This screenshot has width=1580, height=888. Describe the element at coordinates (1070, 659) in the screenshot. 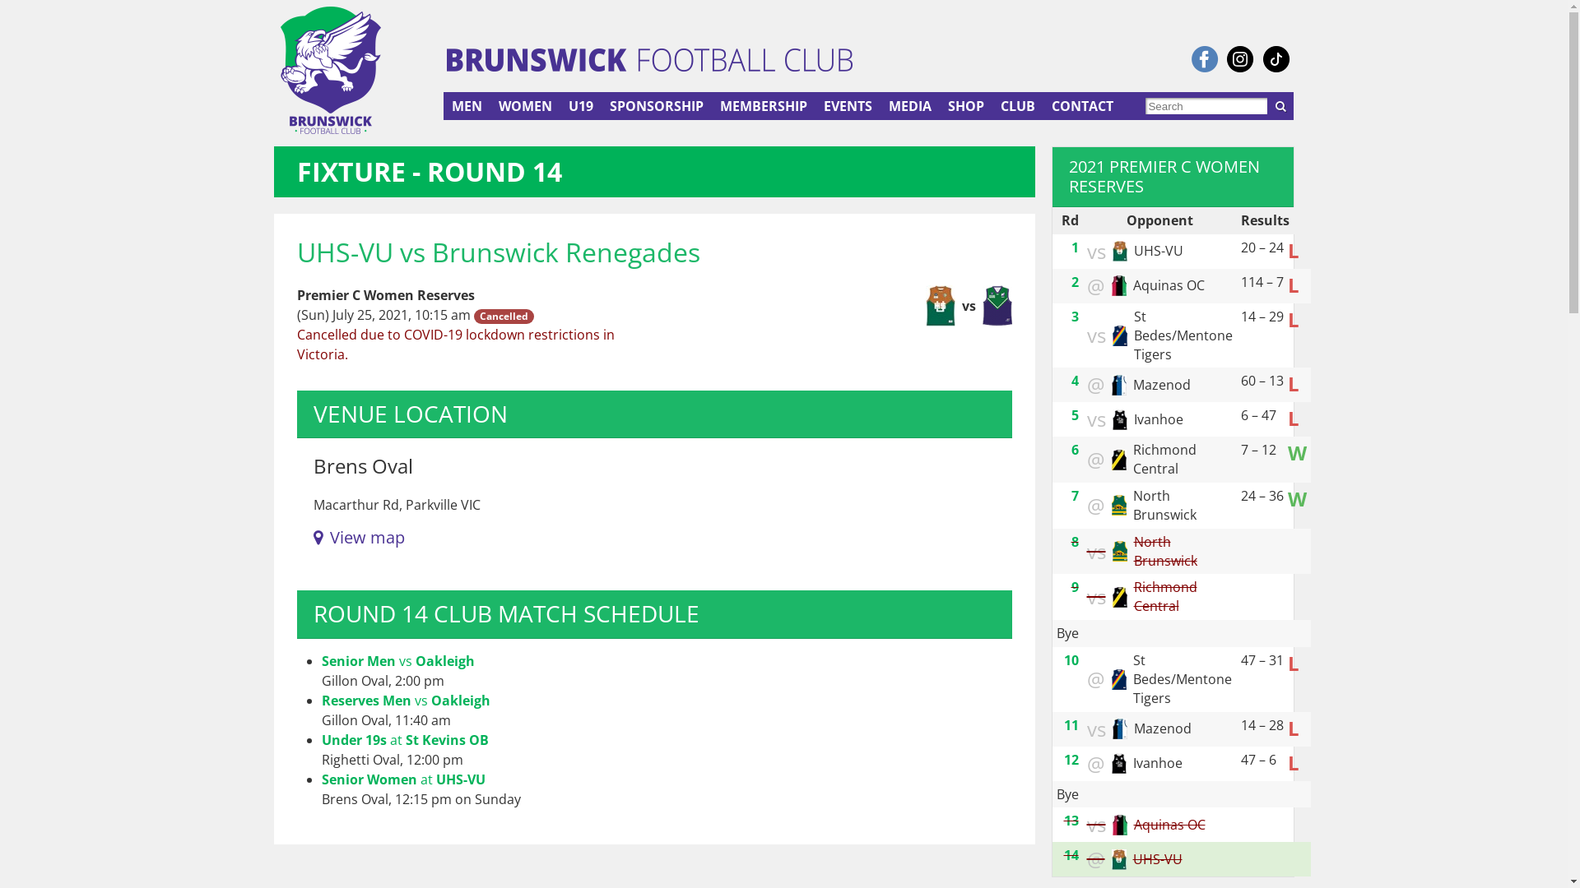

I see `'10'` at that location.